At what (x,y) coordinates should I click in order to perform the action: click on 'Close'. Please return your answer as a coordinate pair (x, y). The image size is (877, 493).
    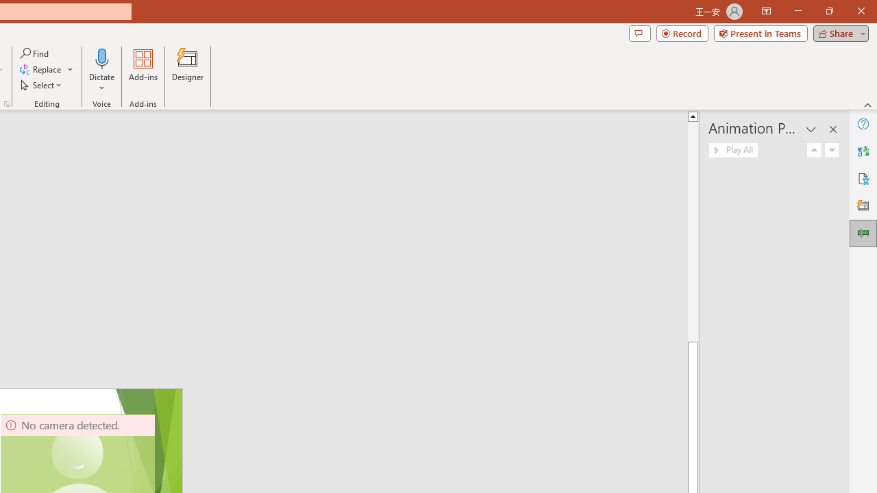
    Looking at the image, I should click on (860, 11).